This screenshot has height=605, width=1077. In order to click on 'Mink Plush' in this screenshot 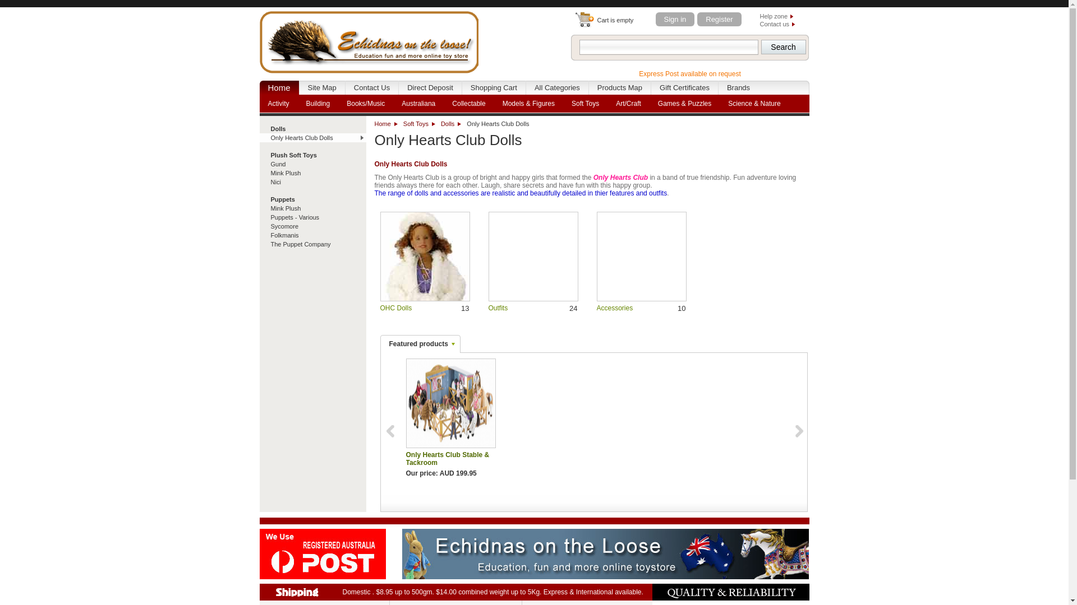, I will do `click(312, 208)`.